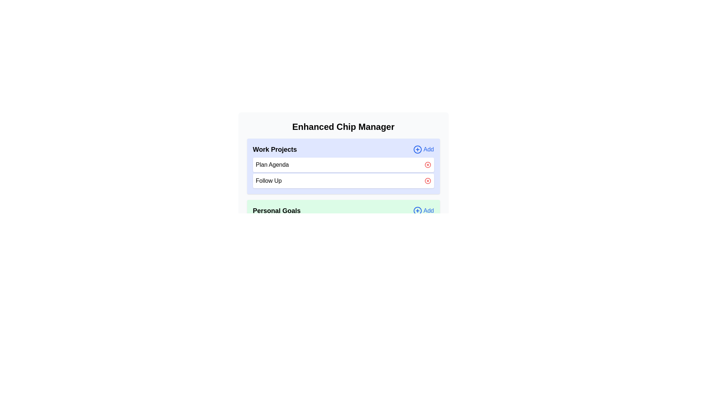 The width and height of the screenshot is (701, 394). I want to click on 'Add' button for the category 'Personal Goals' to add a new chip, so click(424, 211).